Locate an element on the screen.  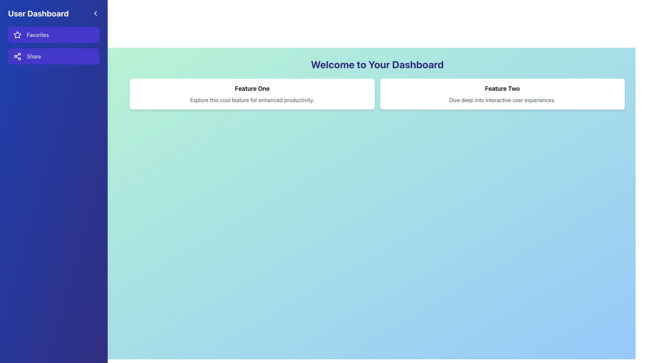
the Informational Card located in the right column of the layout, adjacent to 'Feature One' under the 'Welcome to Your Dashboard' heading is located at coordinates (502, 94).